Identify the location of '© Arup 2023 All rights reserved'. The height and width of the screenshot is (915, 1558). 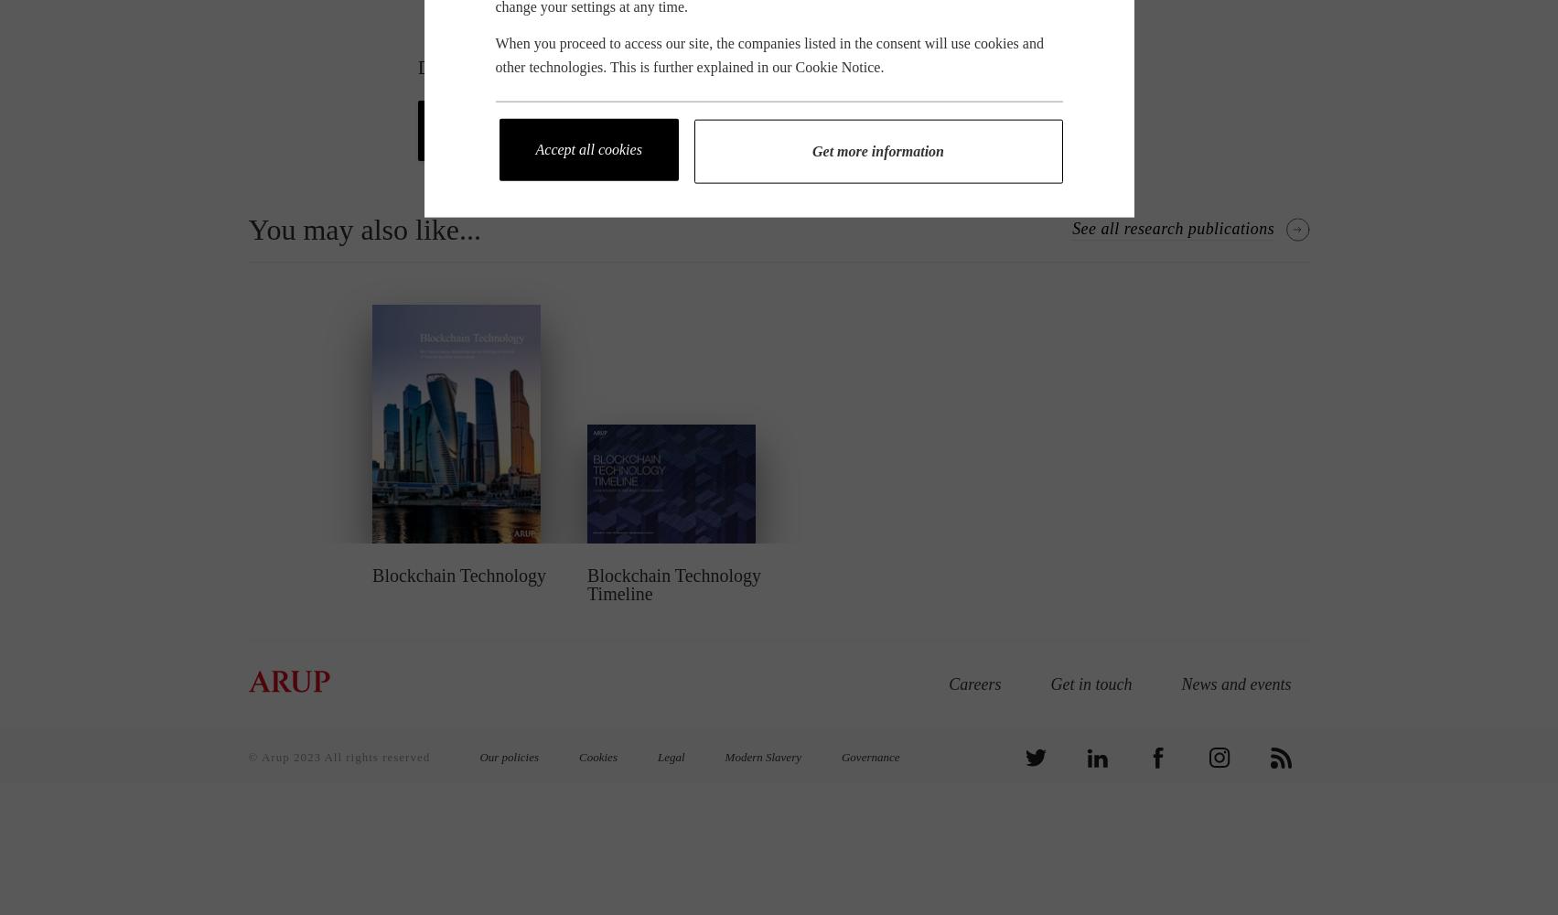
(340, 756).